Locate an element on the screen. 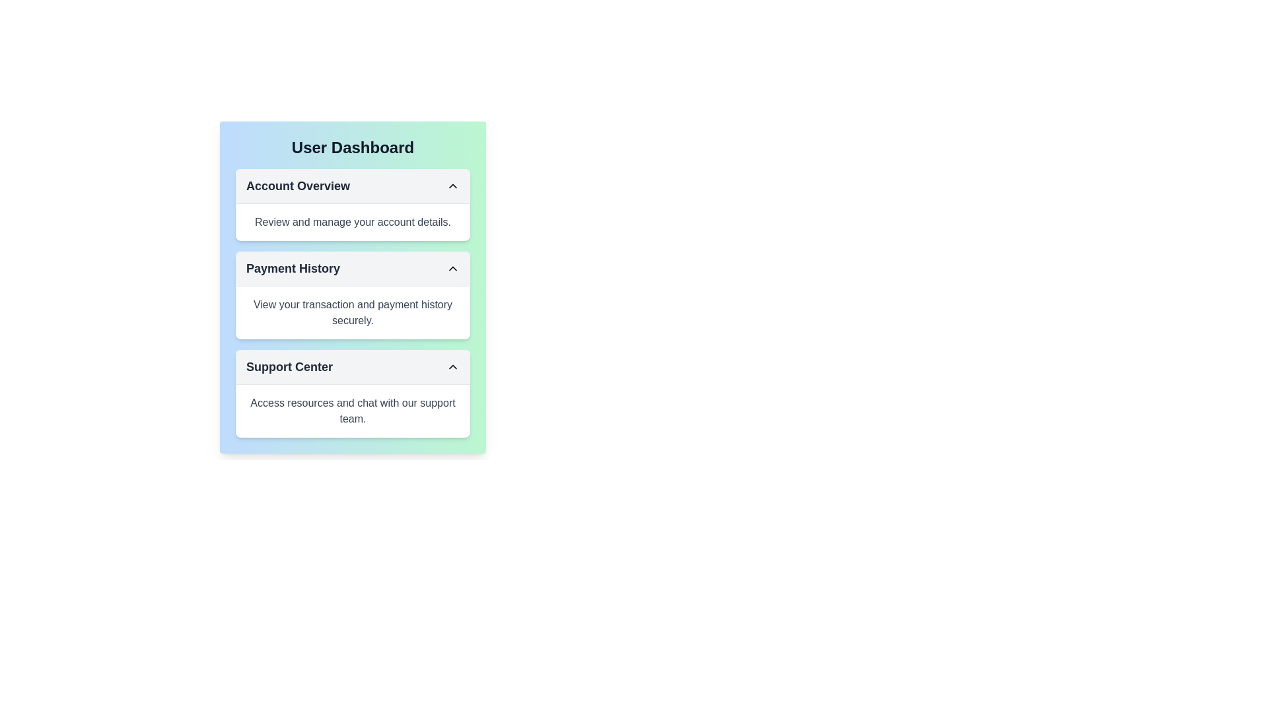 The image size is (1268, 713). the second informational card in the list to focus or select it is located at coordinates (353, 294).